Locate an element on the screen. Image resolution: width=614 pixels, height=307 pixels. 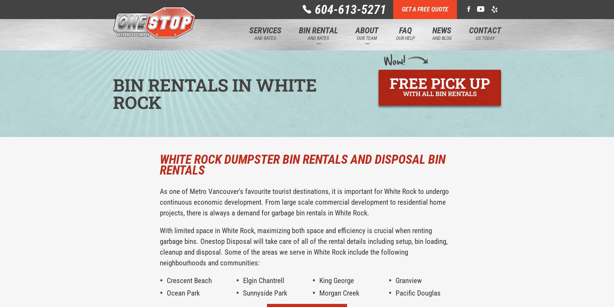
'White Rock Dumpster Bin Rentals and Disposal Bin Rentals' is located at coordinates (302, 164).